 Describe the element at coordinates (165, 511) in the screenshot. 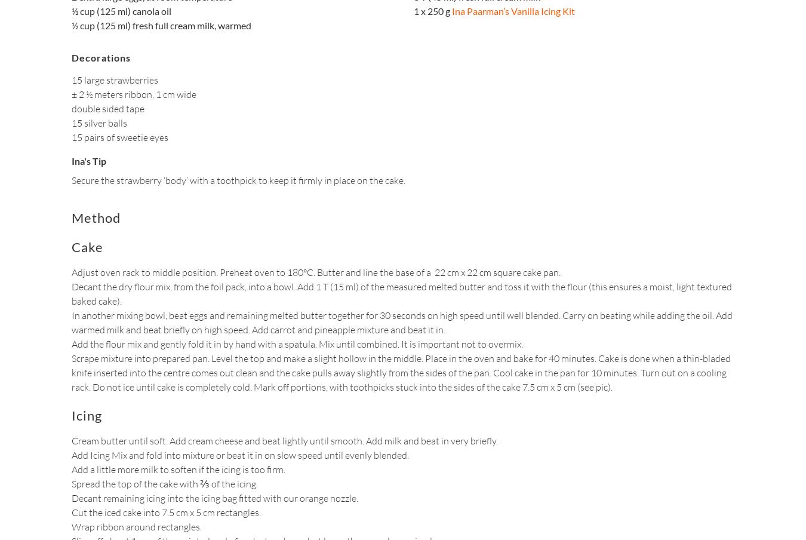

I see `'Cut the iced cake into 7.5 cm x 5 cm rectangles.'` at that location.